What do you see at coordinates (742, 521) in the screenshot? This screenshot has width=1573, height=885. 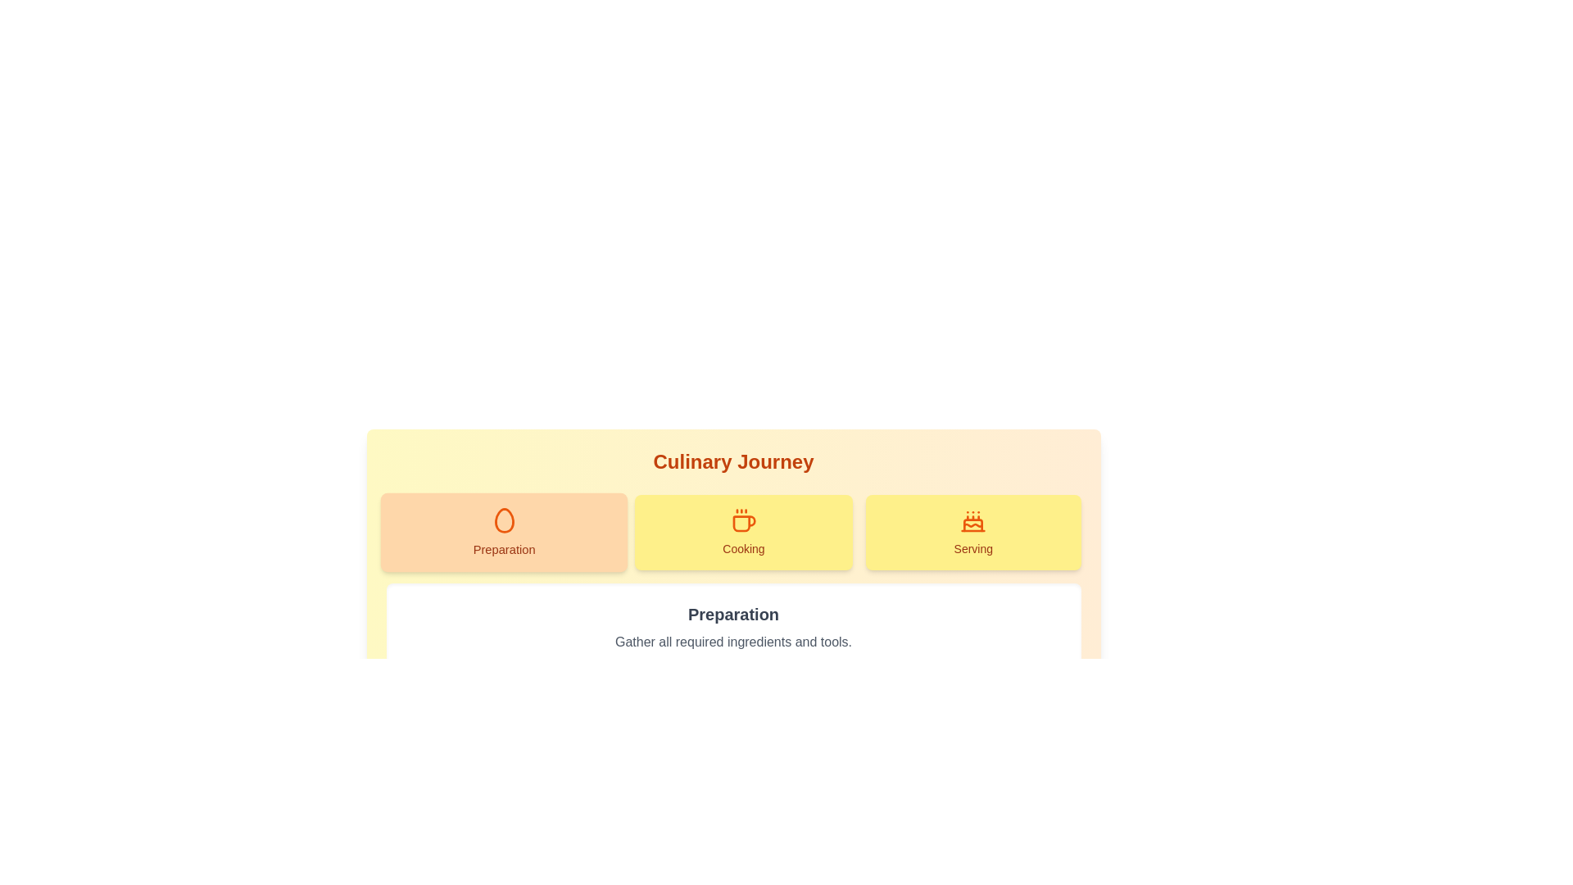 I see `the 'Cooking' section icon, which is centrally located among the three options, to help users identify this category of the interface` at bounding box center [742, 521].